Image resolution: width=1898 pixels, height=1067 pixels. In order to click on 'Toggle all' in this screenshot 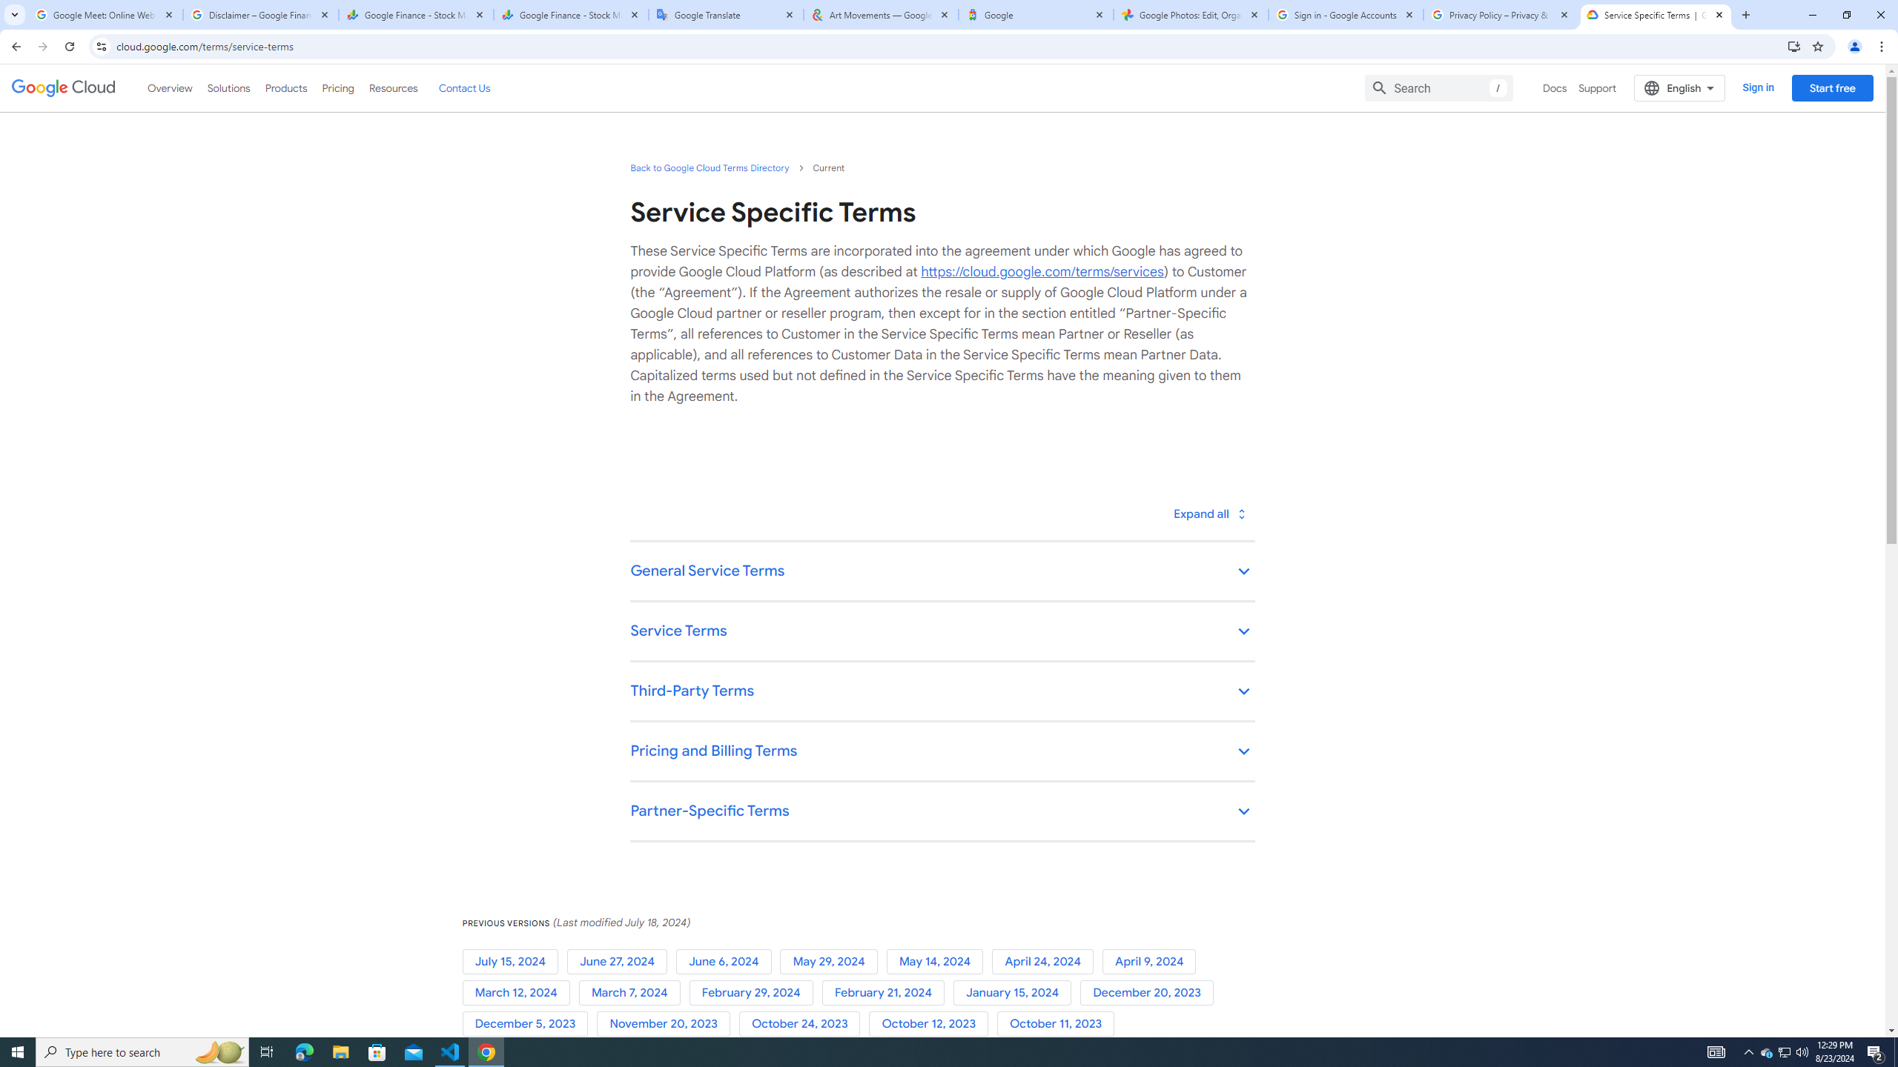, I will do `click(1208, 513)`.